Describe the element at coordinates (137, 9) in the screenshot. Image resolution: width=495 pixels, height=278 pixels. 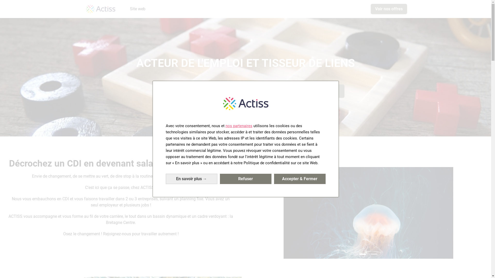
I see `'Site web'` at that location.